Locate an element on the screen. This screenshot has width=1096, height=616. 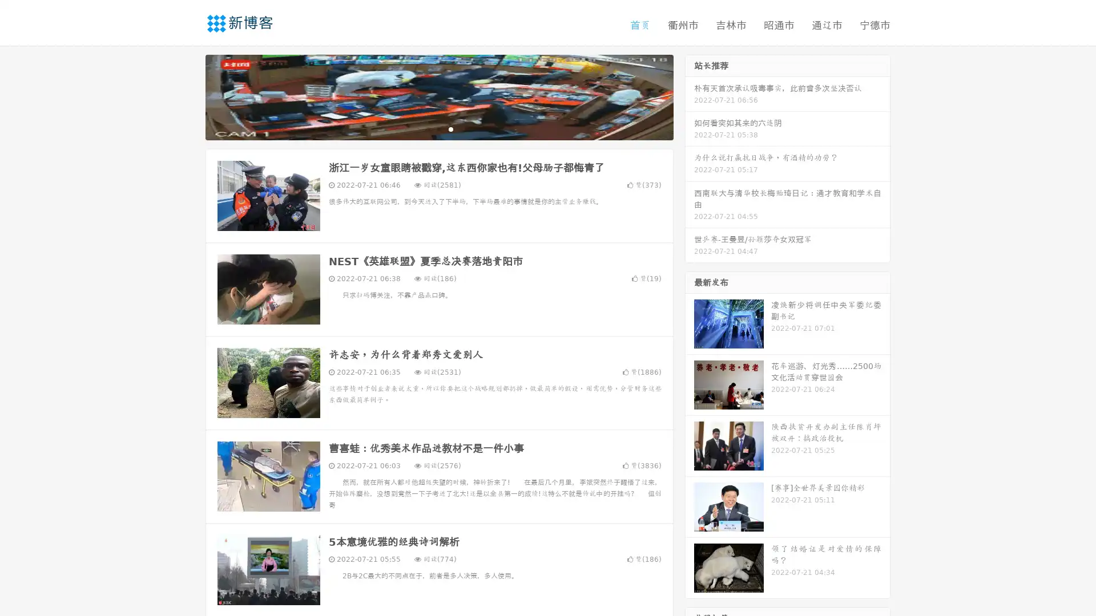
Go to slide 1 is located at coordinates (427, 128).